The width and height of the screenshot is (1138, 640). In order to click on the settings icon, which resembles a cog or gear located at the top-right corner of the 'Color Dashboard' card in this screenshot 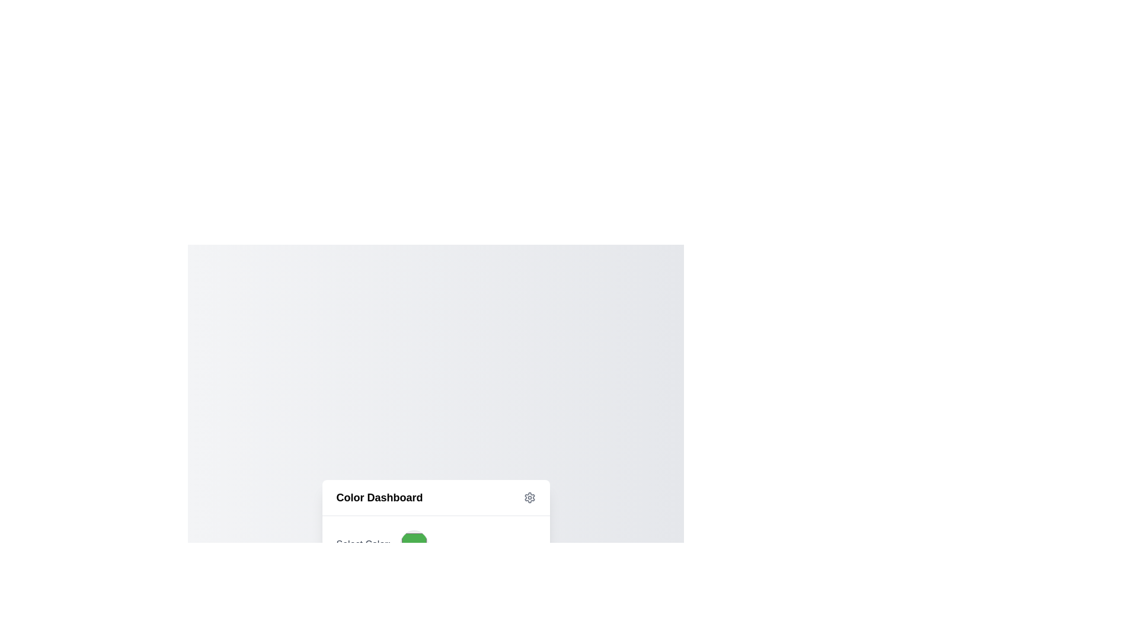, I will do `click(529, 498)`.